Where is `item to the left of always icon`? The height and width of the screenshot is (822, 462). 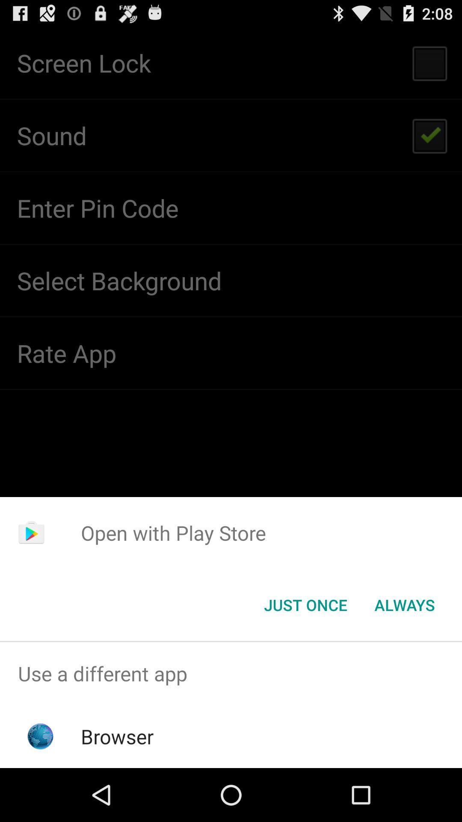 item to the left of always icon is located at coordinates (305, 604).